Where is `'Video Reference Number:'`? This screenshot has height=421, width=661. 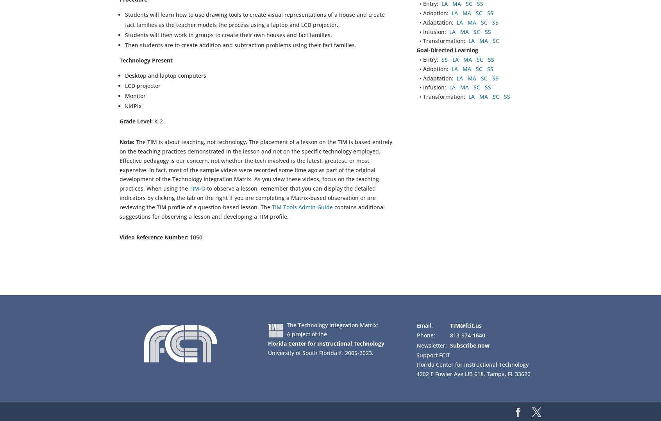 'Video Reference Number:' is located at coordinates (119, 237).